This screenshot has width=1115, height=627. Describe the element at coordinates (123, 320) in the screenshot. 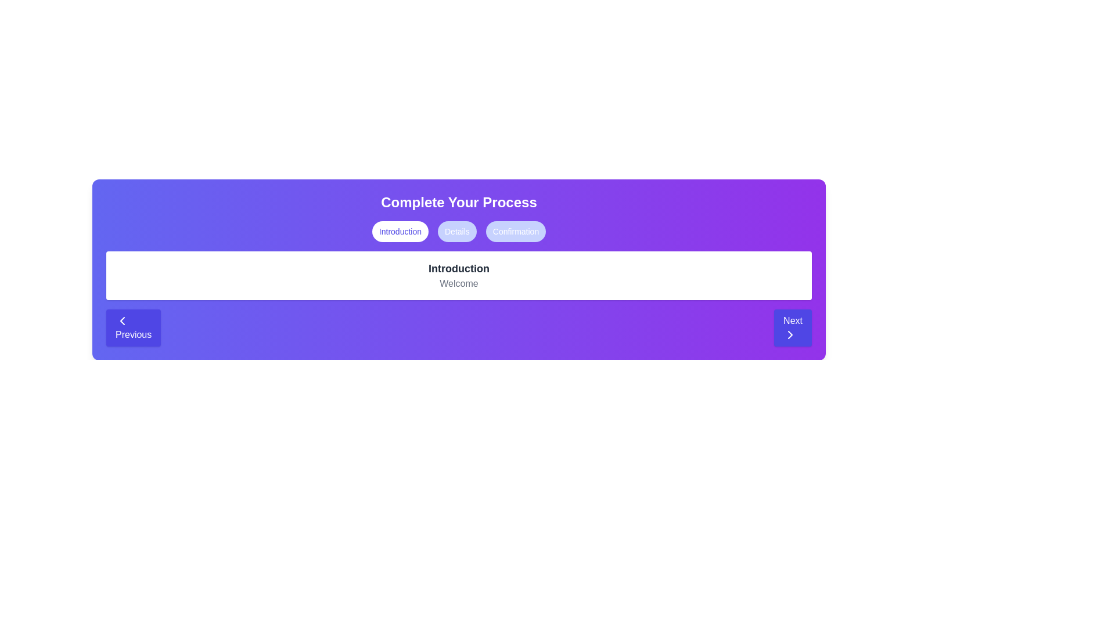

I see `the 'Previous' button, which contains the Chevron Icon indicating backward navigation, located at the bottom-left corner of the interface` at that location.